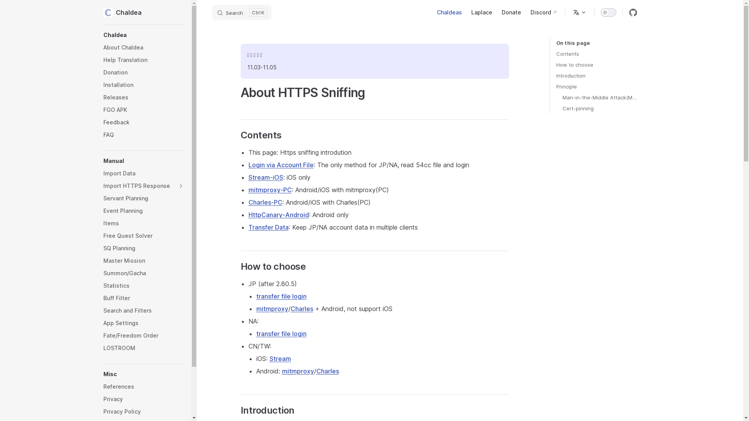 This screenshot has width=749, height=421. I want to click on 'Transfer Data', so click(268, 227).